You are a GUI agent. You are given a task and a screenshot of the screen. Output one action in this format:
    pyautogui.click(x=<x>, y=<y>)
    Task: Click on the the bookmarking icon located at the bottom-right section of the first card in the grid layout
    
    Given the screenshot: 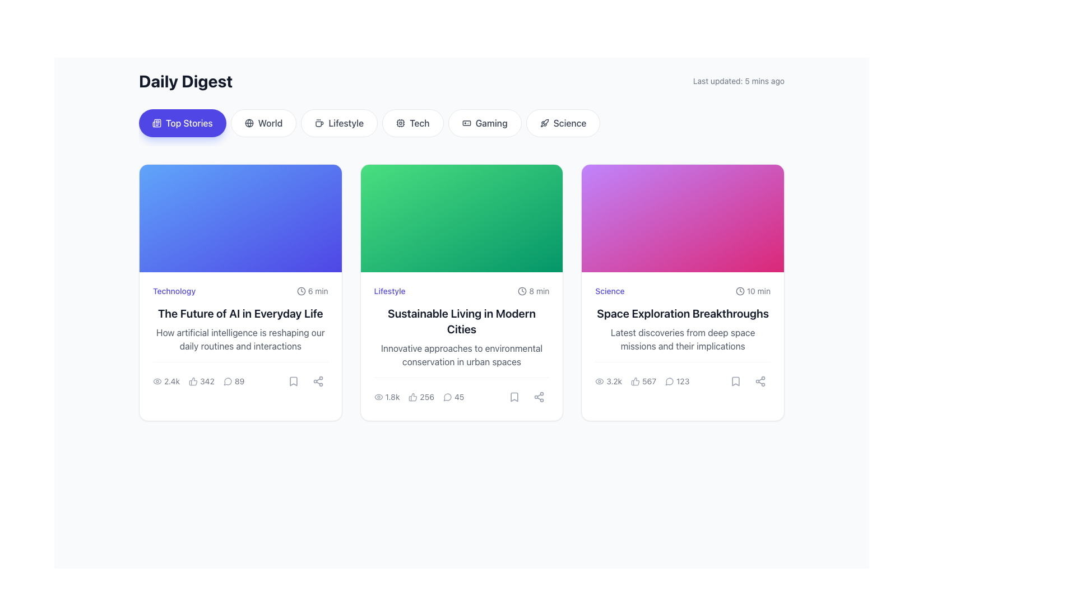 What is the action you would take?
    pyautogui.click(x=293, y=381)
    